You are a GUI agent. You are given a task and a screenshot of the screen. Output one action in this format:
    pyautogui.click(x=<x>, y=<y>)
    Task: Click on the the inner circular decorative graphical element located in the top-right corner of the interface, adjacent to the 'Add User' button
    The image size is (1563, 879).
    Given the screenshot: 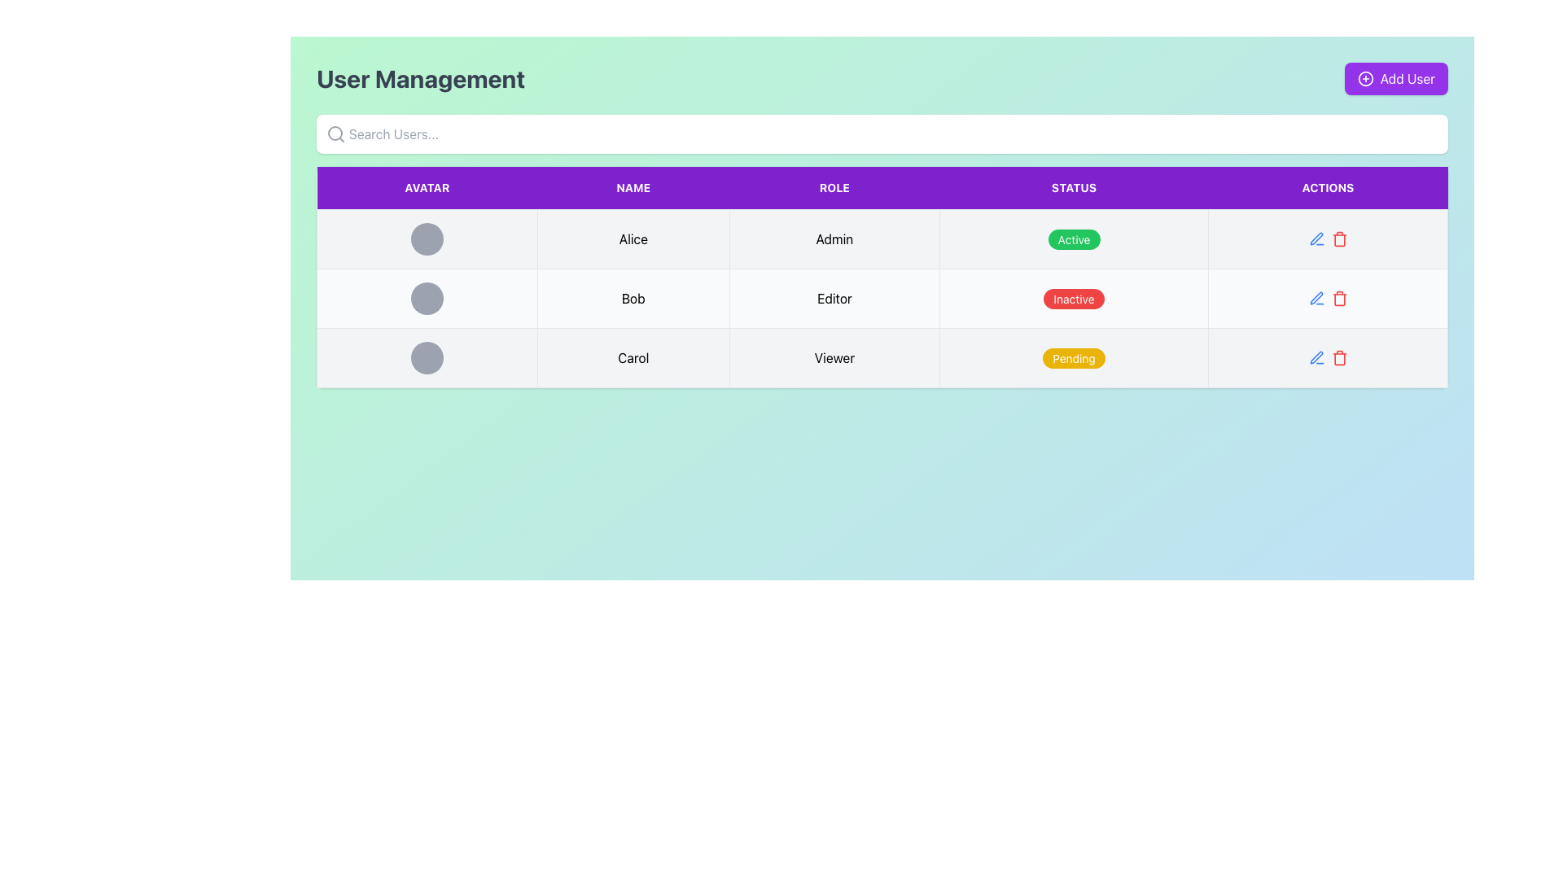 What is the action you would take?
    pyautogui.click(x=1365, y=78)
    